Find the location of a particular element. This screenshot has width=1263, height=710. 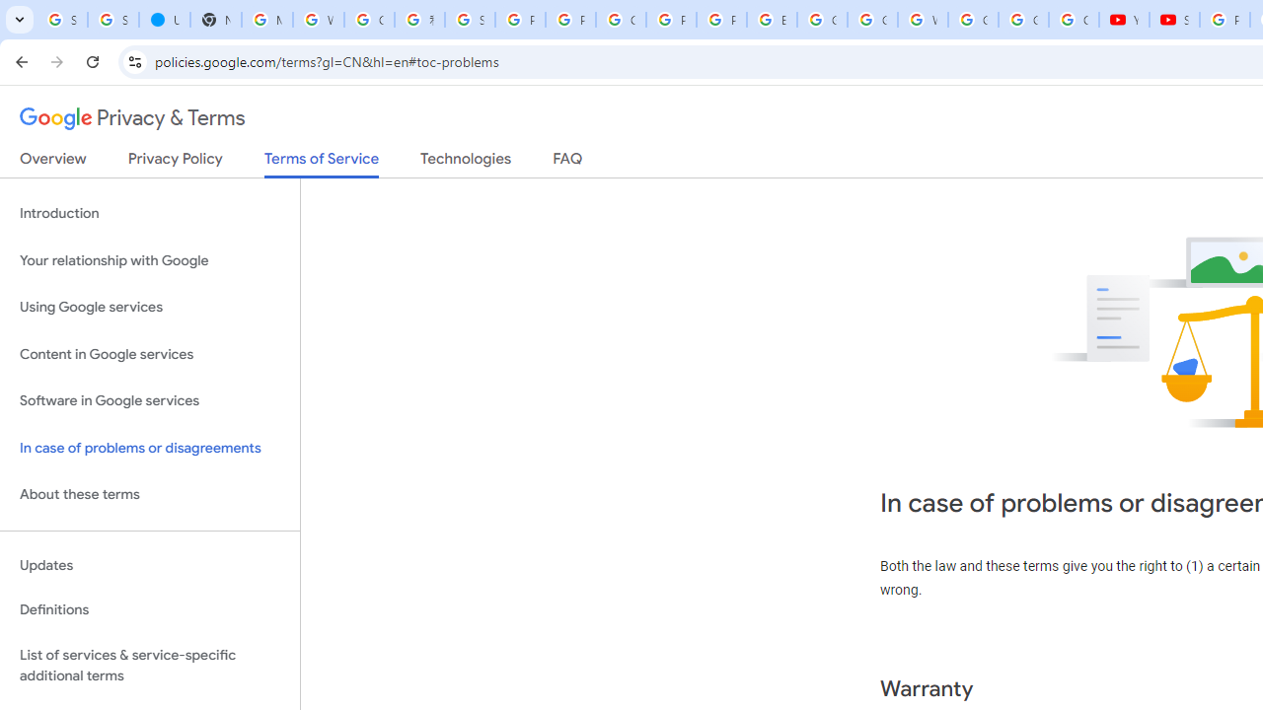

'Google Slides: Sign-in' is located at coordinates (822, 20).